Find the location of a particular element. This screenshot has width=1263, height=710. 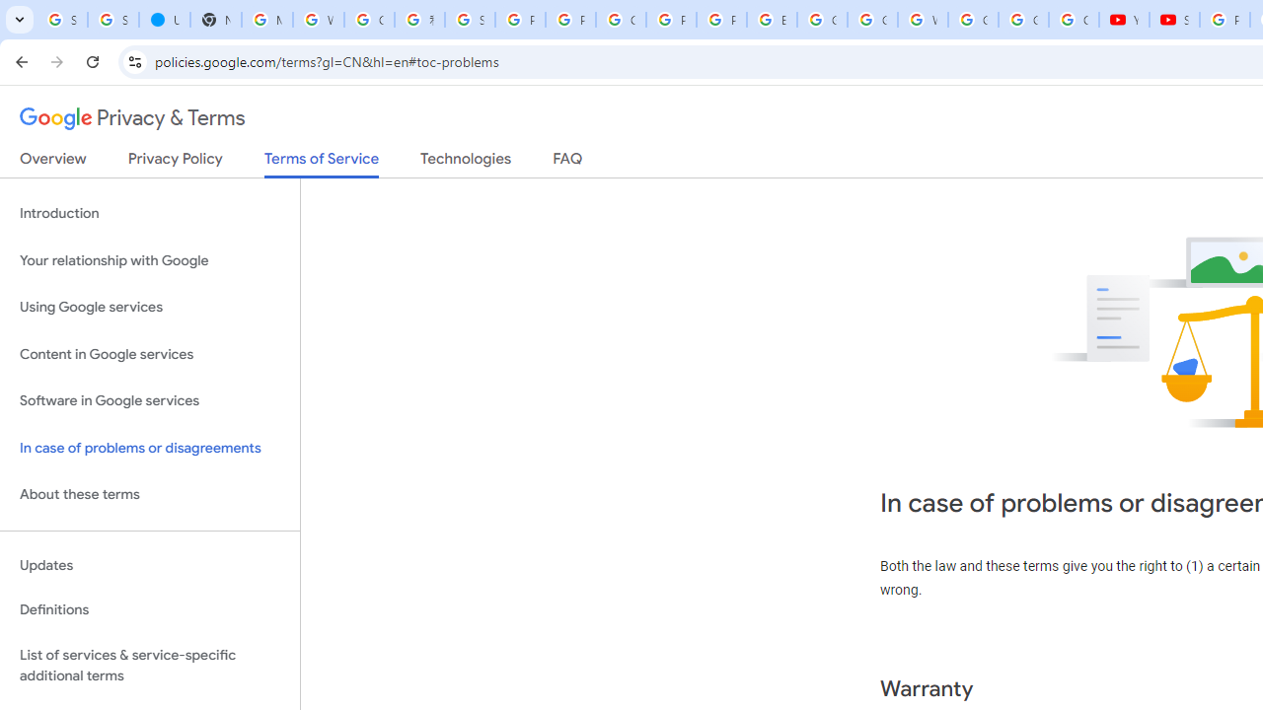

'Google Slides: Sign-in' is located at coordinates (822, 20).